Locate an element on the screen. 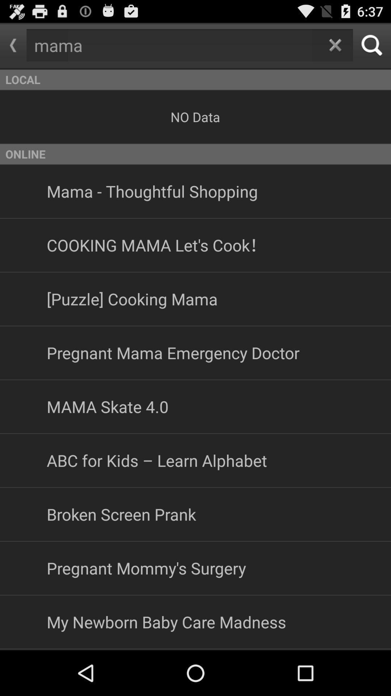 Image resolution: width=391 pixels, height=696 pixels. the app is located at coordinates (335, 45).